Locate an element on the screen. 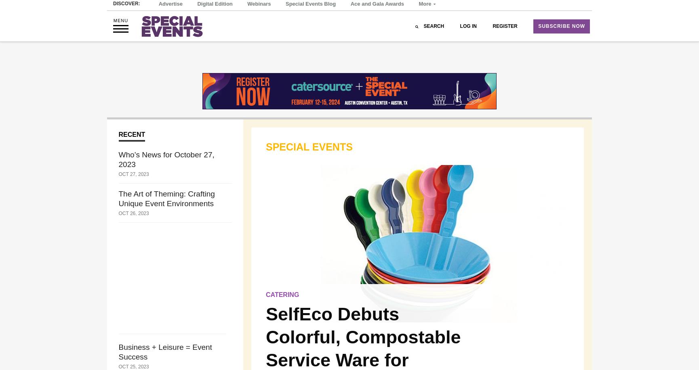 This screenshot has width=699, height=370. 'Register' is located at coordinates (505, 48).